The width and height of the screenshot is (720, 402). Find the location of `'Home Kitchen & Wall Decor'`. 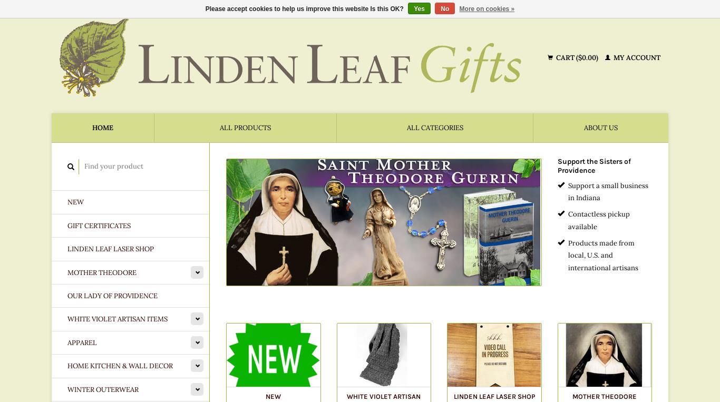

'Home Kitchen & Wall Decor' is located at coordinates (119, 365).